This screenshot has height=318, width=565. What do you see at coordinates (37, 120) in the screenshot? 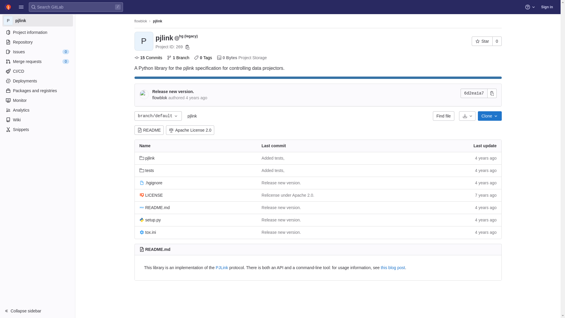
I see `'Wiki'` at bounding box center [37, 120].